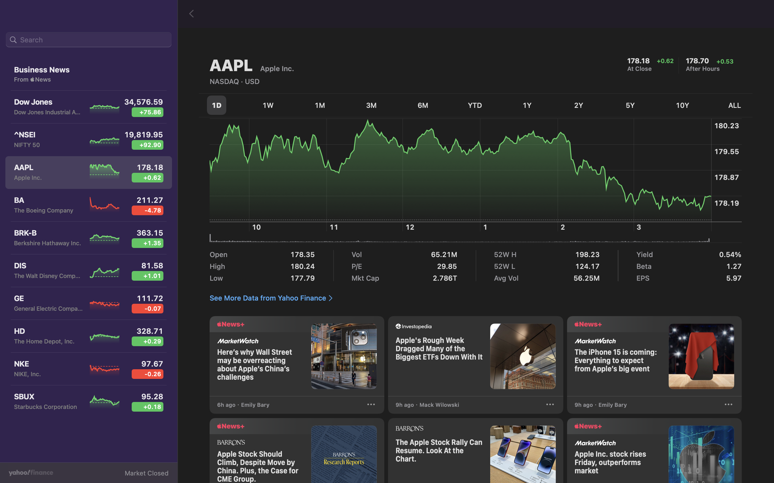 This screenshot has height=483, width=774. What do you see at coordinates (632, 105) in the screenshot?
I see `Review the fluctuation in stocks over the last five years` at bounding box center [632, 105].